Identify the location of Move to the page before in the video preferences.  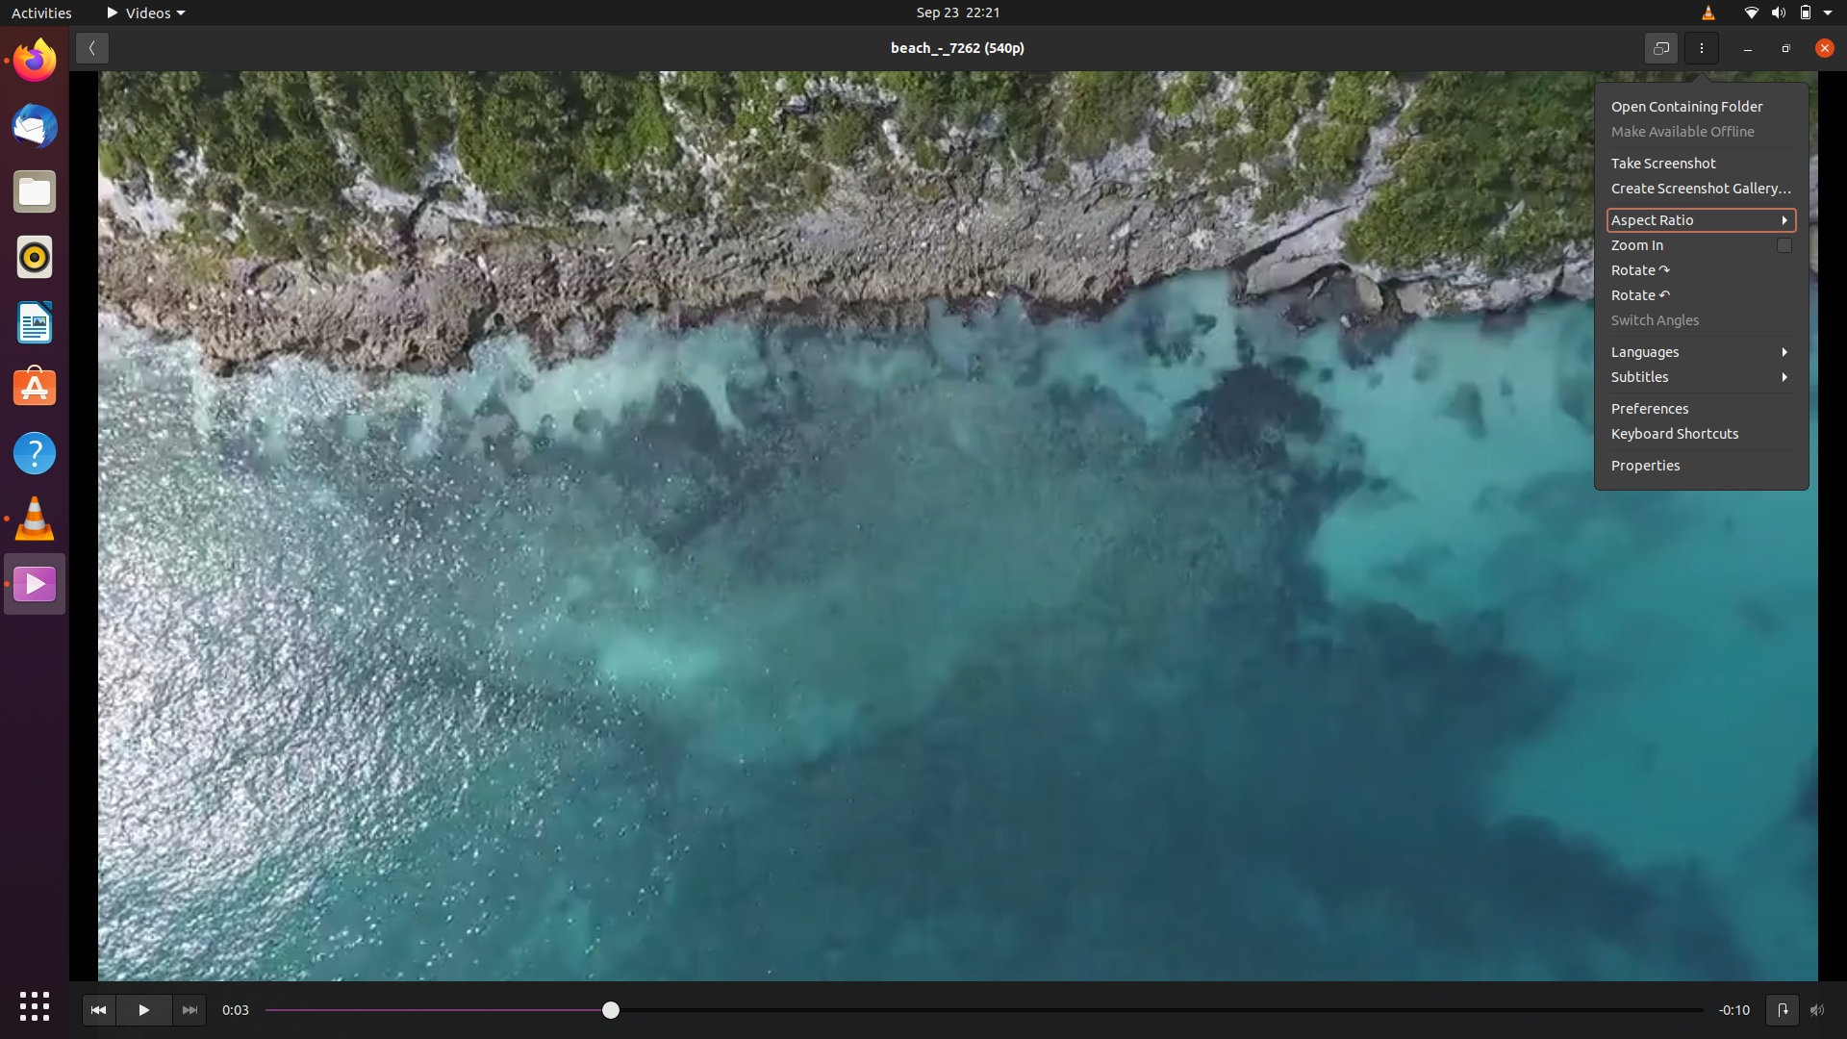
(89, 46).